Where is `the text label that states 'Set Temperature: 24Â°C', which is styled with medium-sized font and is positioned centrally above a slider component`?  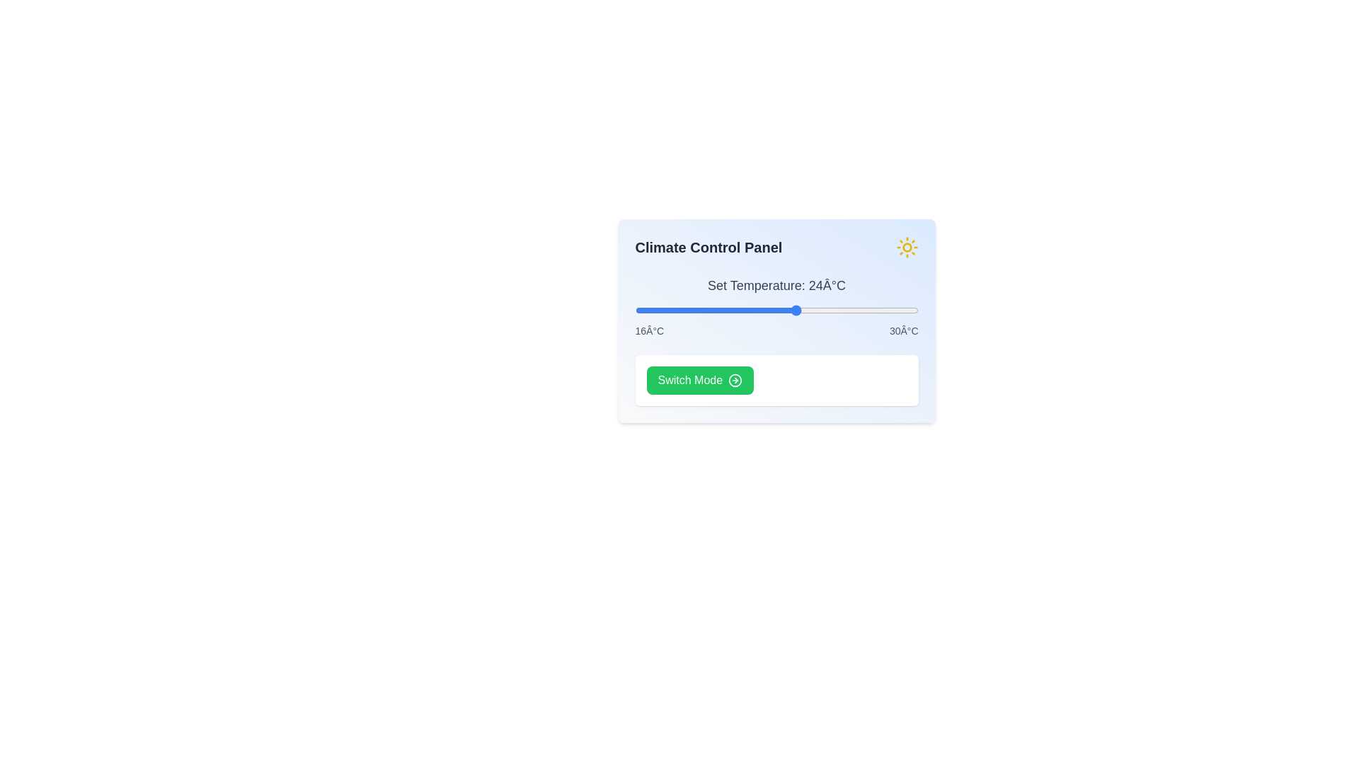 the text label that states 'Set Temperature: 24Â°C', which is styled with medium-sized font and is positioned centrally above a slider component is located at coordinates (776, 286).